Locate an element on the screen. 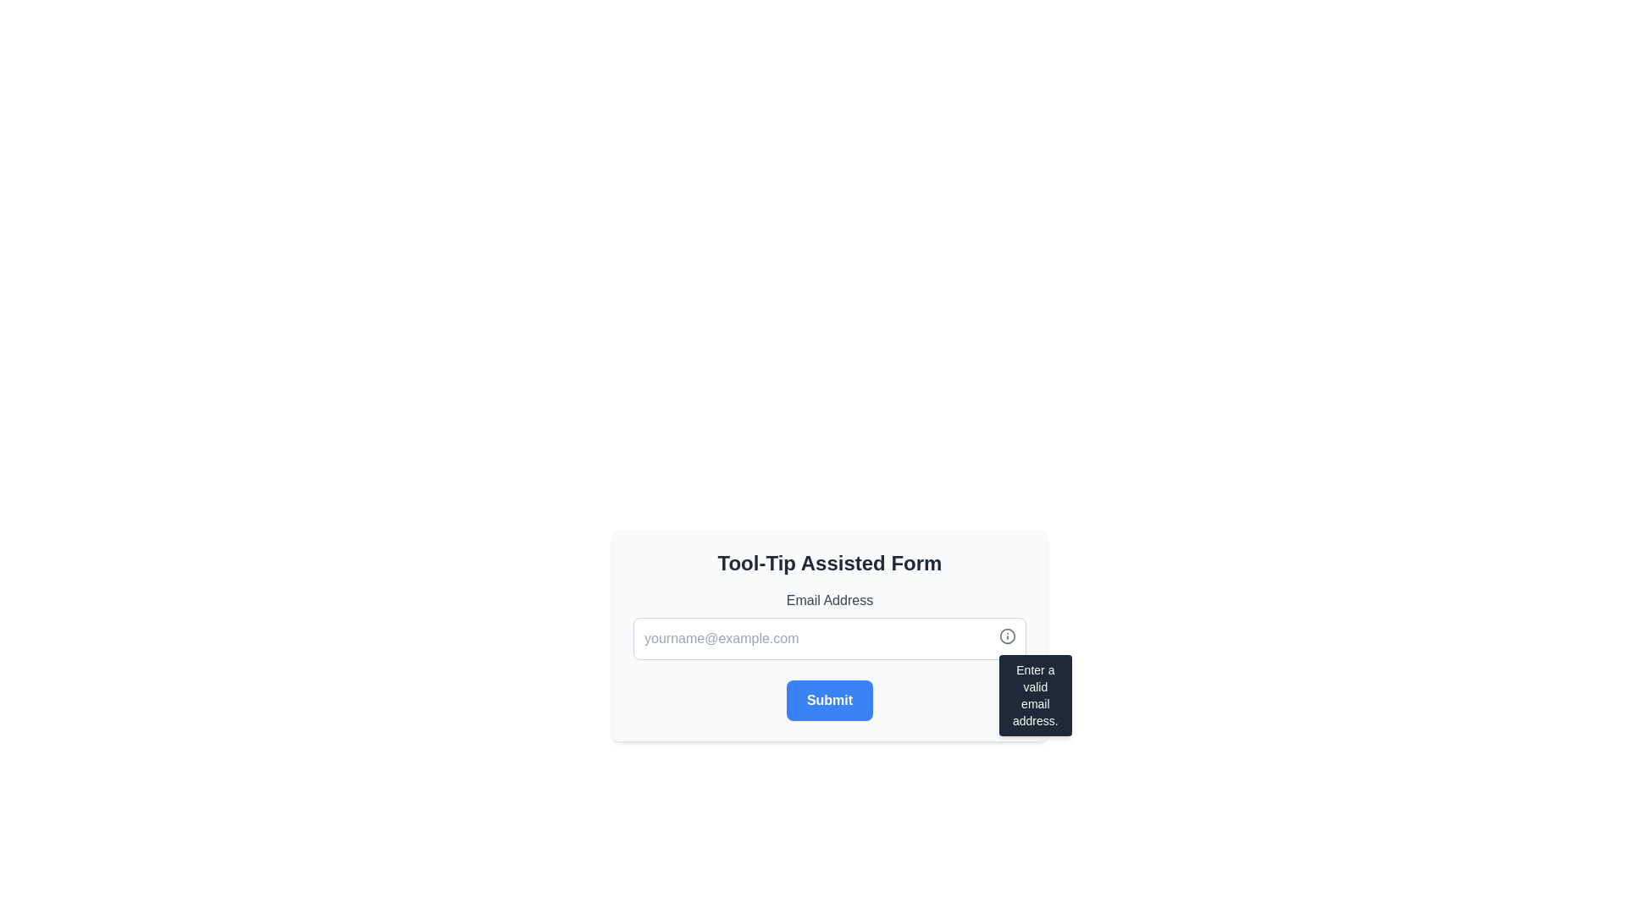 The image size is (1626, 914). the circular shape element within the SVG that serves as a visual component of the information icon, located beside the email input box is located at coordinates (1008, 636).